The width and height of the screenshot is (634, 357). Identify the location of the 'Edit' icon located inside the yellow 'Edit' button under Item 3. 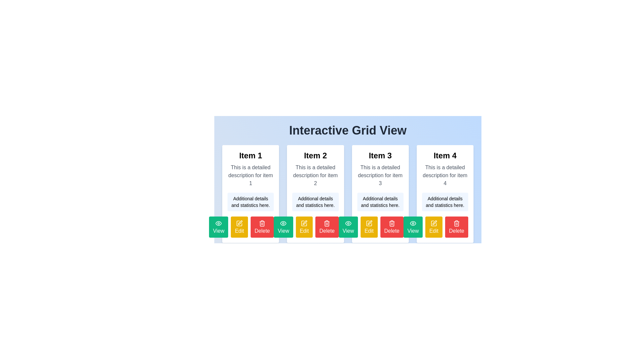
(369, 223).